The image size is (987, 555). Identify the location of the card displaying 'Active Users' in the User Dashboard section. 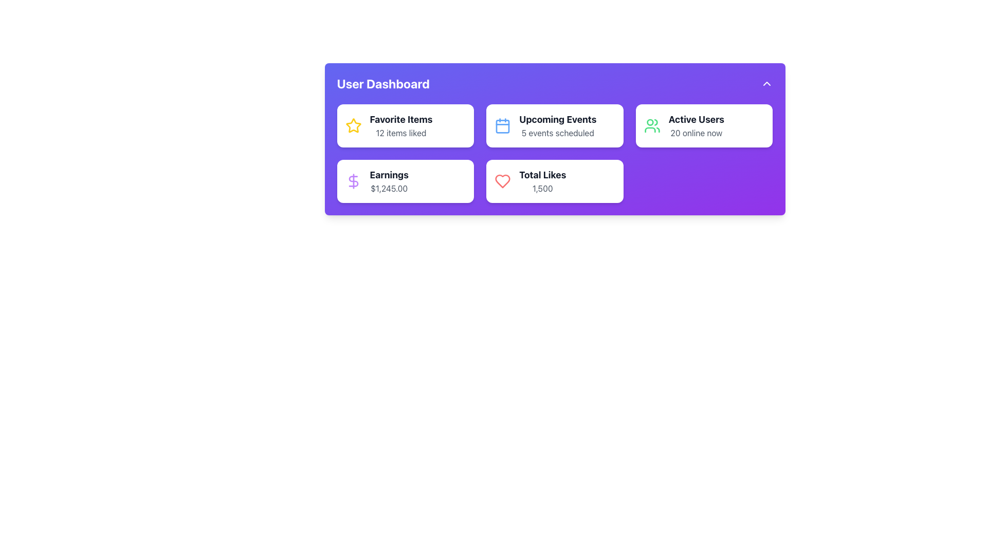
(704, 125).